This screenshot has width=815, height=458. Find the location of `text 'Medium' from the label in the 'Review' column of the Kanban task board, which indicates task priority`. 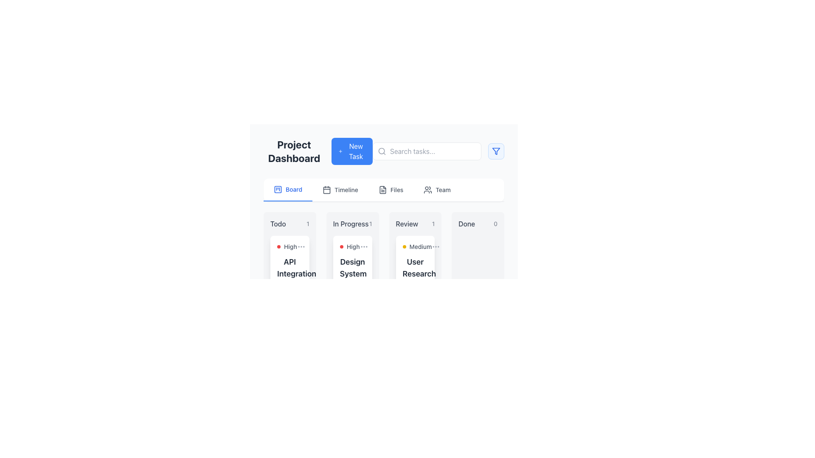

text 'Medium' from the label in the 'Review' column of the Kanban task board, which indicates task priority is located at coordinates (420, 247).